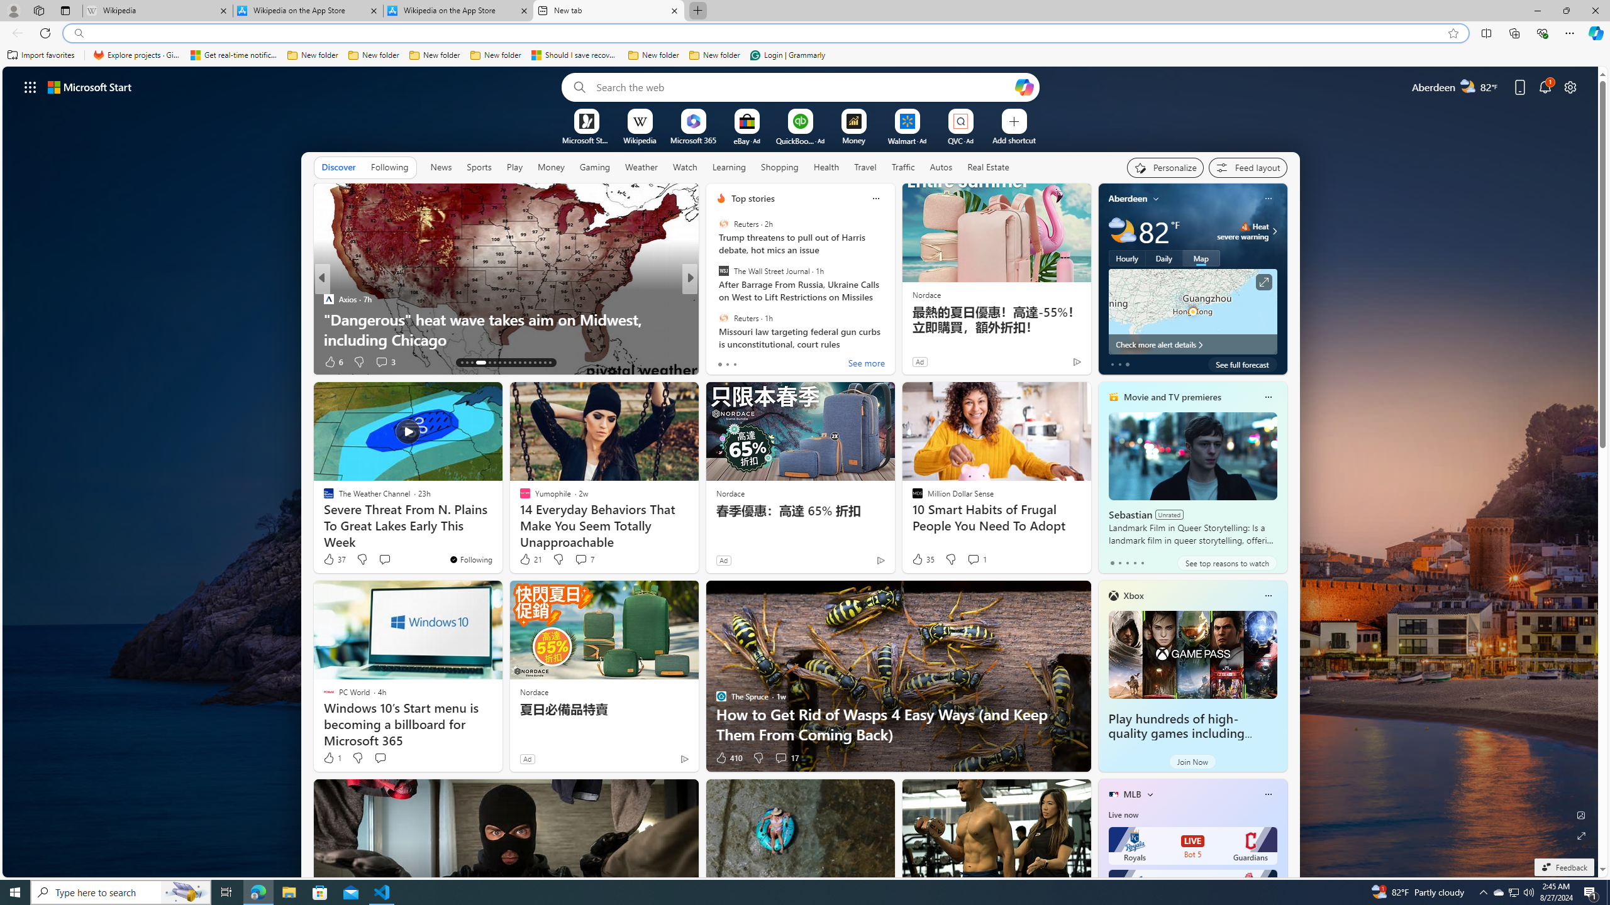 The image size is (1610, 905). I want to click on '100 Like', so click(724, 361).